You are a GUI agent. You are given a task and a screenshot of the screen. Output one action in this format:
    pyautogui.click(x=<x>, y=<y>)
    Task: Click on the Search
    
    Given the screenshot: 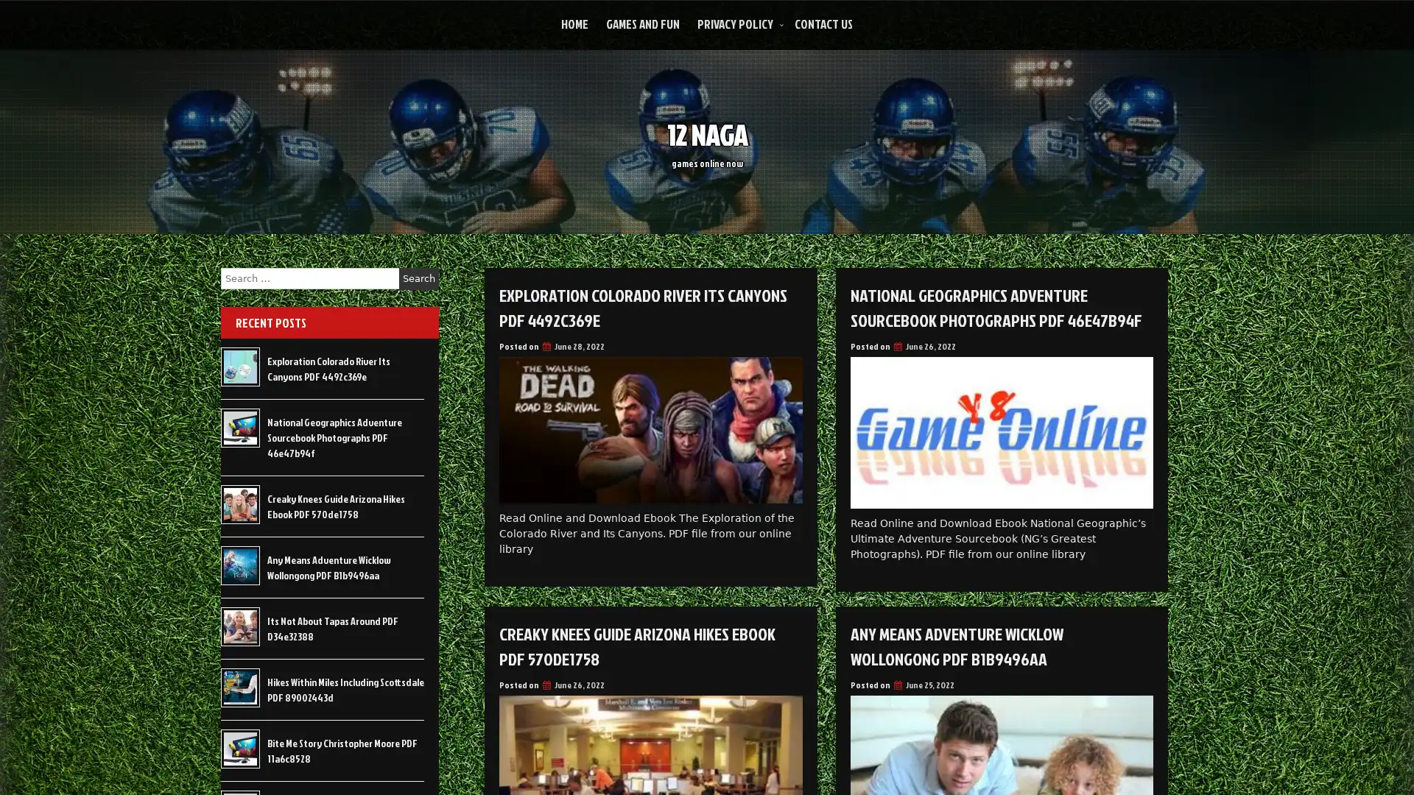 What is the action you would take?
    pyautogui.click(x=418, y=278)
    